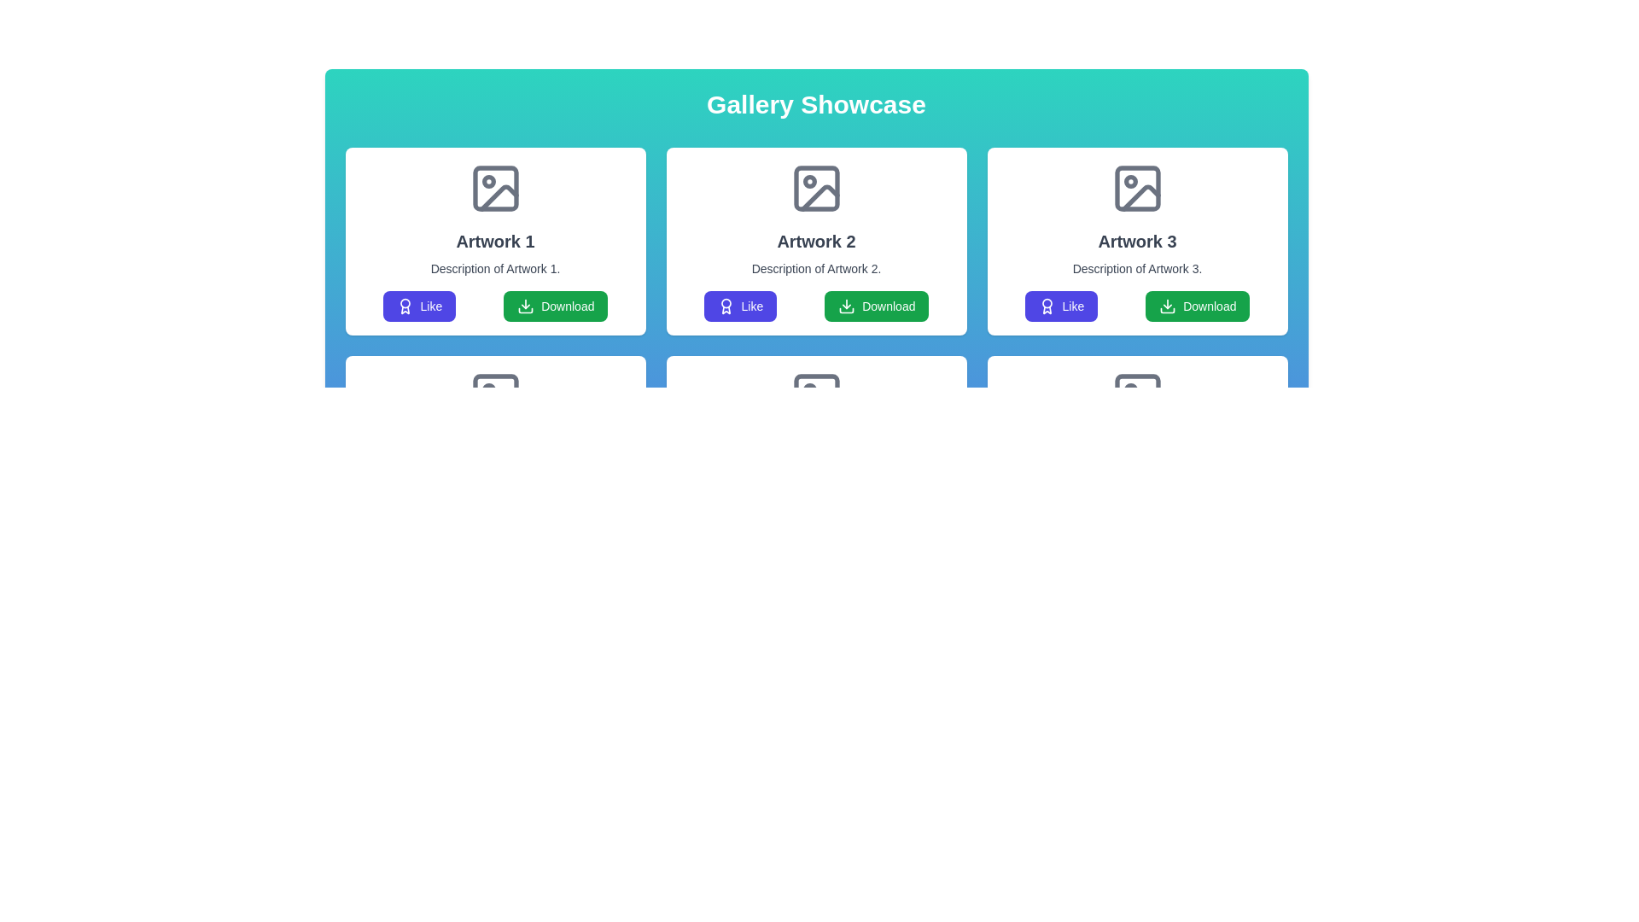 The width and height of the screenshot is (1639, 922). Describe the element at coordinates (1046, 305) in the screenshot. I see `the award badge icon within the 'Like' button of the third artwork card in the second row, which is styled with a simple line-art design in white on a purple background` at that location.